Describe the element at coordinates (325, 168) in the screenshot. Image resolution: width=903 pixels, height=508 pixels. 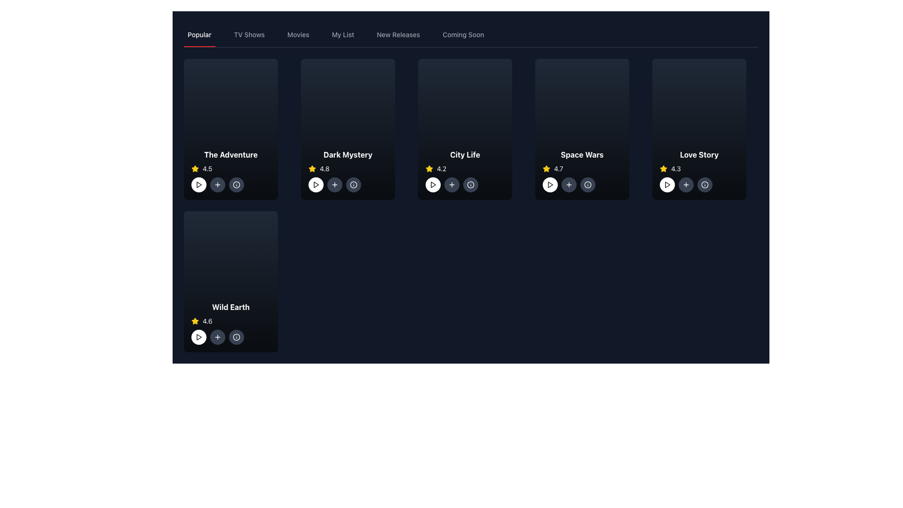
I see `the text label displaying the rating '4.8' that is aligned with a yellow star icon, indicating the rating value in a star rating system` at that location.